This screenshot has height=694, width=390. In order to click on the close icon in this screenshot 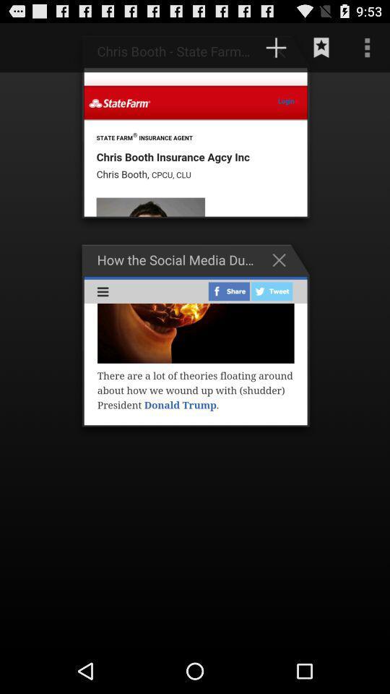, I will do `click(282, 277)`.